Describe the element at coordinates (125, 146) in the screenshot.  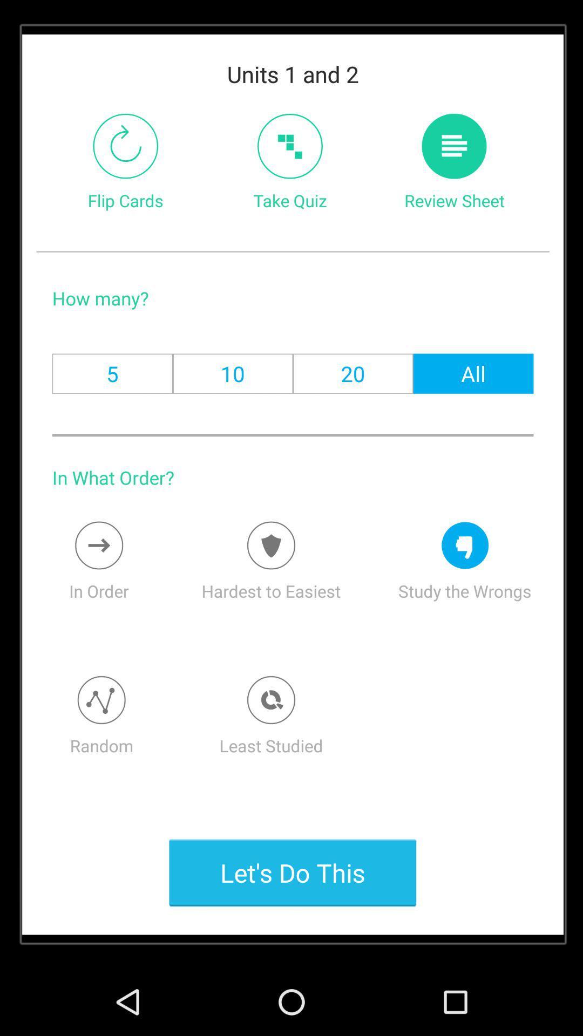
I see `turn flip cards study mode` at that location.